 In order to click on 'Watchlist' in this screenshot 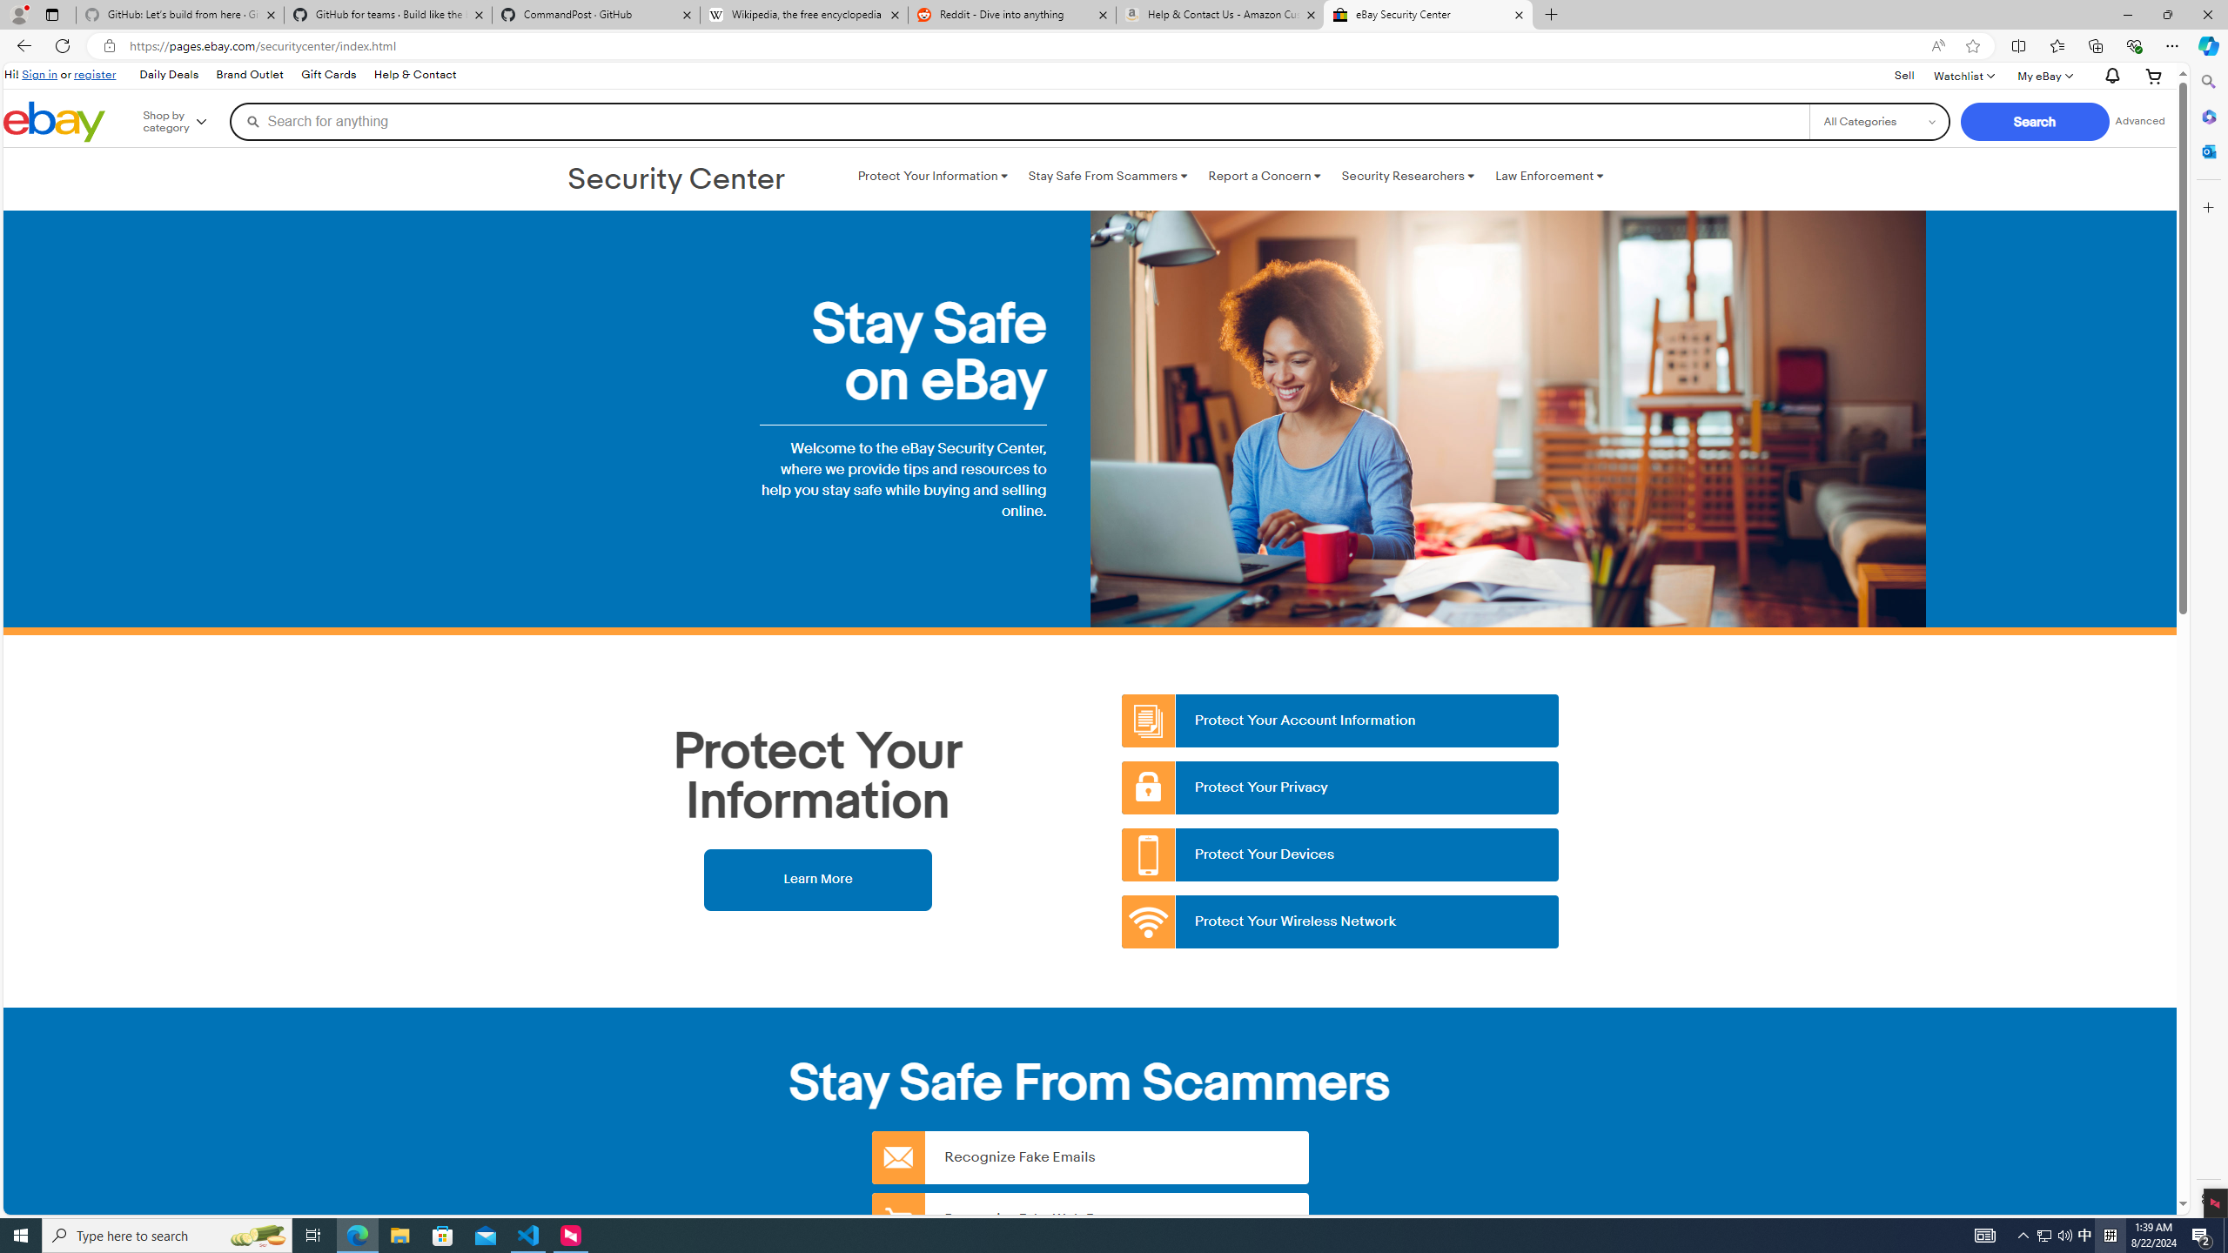, I will do `click(1963, 76)`.